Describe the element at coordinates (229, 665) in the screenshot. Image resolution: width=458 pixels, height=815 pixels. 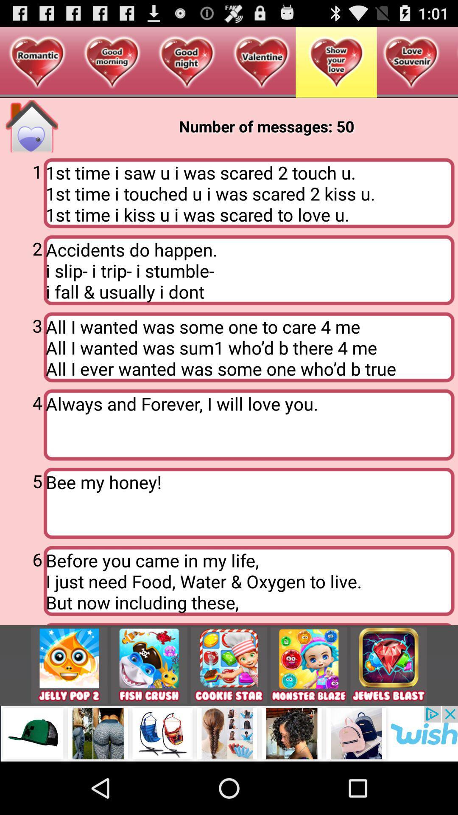
I see `cookie star game` at that location.